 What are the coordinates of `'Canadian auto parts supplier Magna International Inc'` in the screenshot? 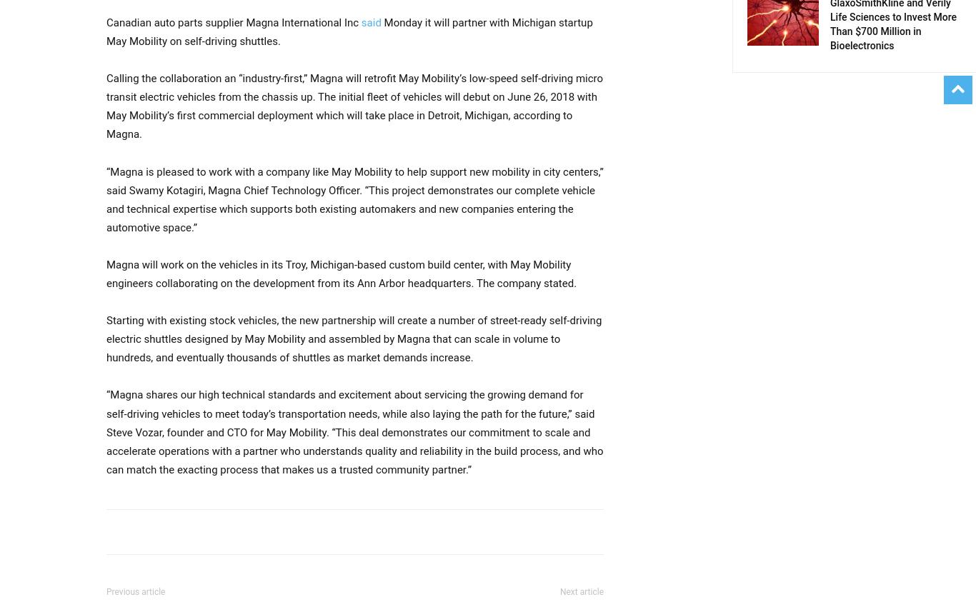 It's located at (234, 21).